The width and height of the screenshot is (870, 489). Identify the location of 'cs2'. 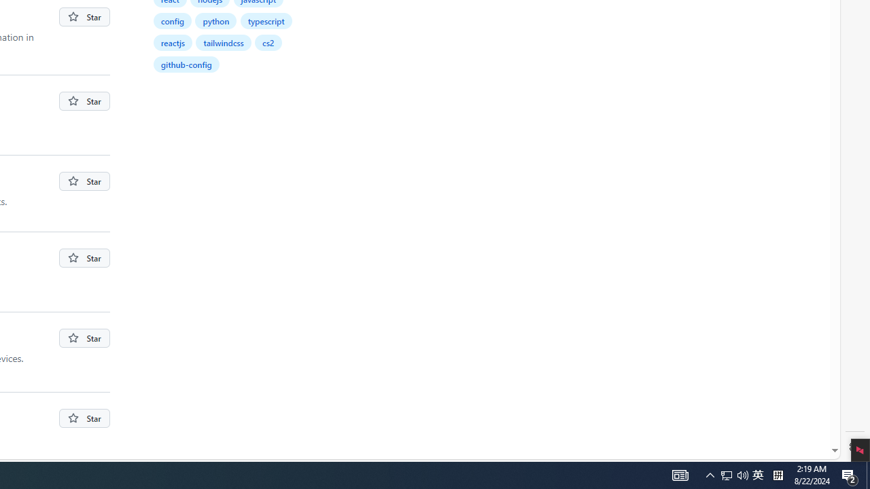
(268, 41).